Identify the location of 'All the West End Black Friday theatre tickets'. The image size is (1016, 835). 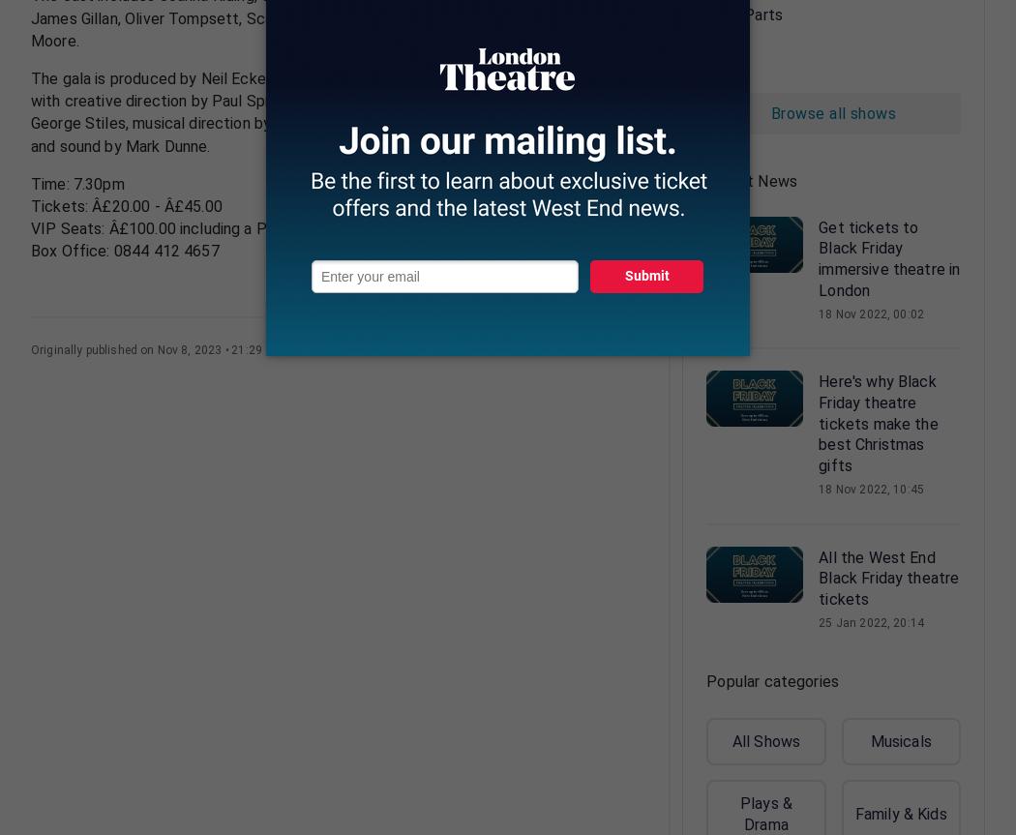
(888, 578).